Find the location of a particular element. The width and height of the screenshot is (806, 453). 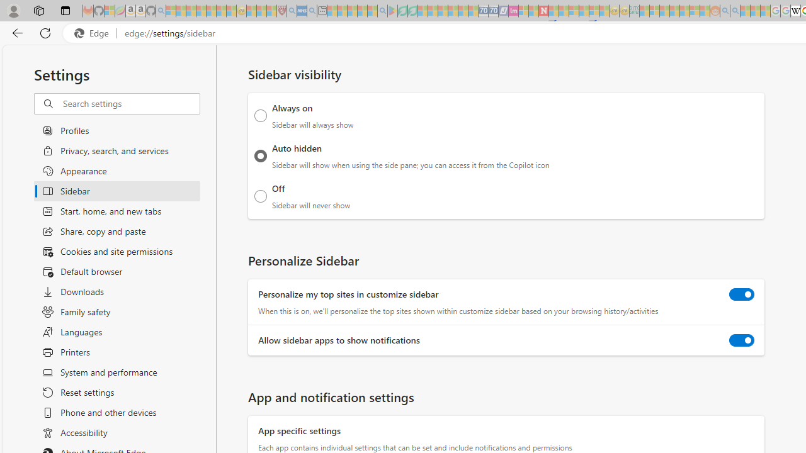

'New Report Confirms 2023 Was Record Hot | Watch - Sleeping' is located at coordinates (211, 11).